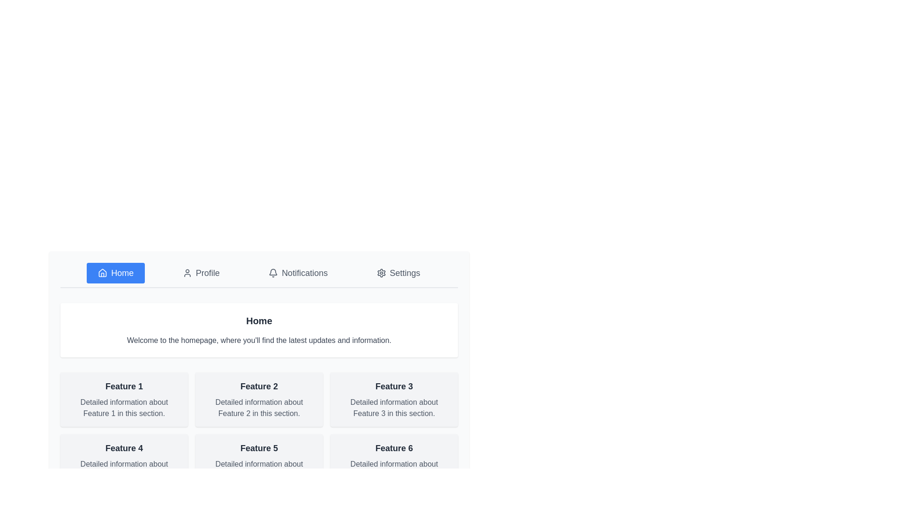 Image resolution: width=900 pixels, height=506 pixels. I want to click on the Informational card labeled 'Feature 2', which is a rounded rectangular card with a gray background located in the top row of a grid layout, so click(259, 399).